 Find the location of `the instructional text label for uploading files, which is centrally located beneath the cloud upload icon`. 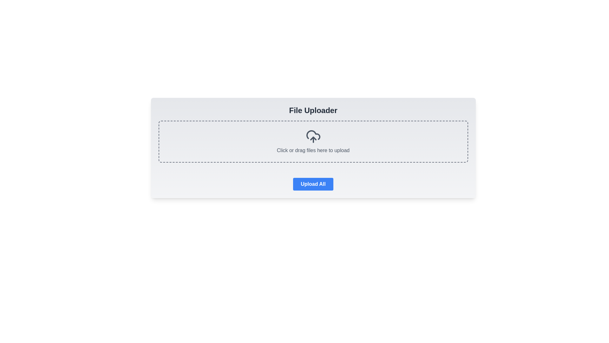

the instructional text label for uploading files, which is centrally located beneath the cloud upload icon is located at coordinates (313, 141).